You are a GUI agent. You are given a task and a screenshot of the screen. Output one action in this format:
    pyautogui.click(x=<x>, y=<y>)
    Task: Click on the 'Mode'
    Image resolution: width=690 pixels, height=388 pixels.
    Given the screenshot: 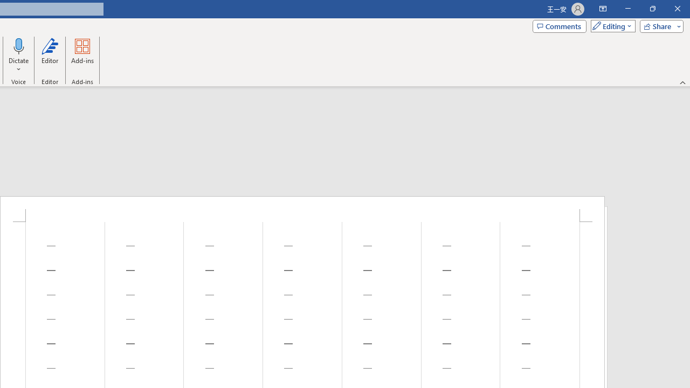 What is the action you would take?
    pyautogui.click(x=611, y=25)
    